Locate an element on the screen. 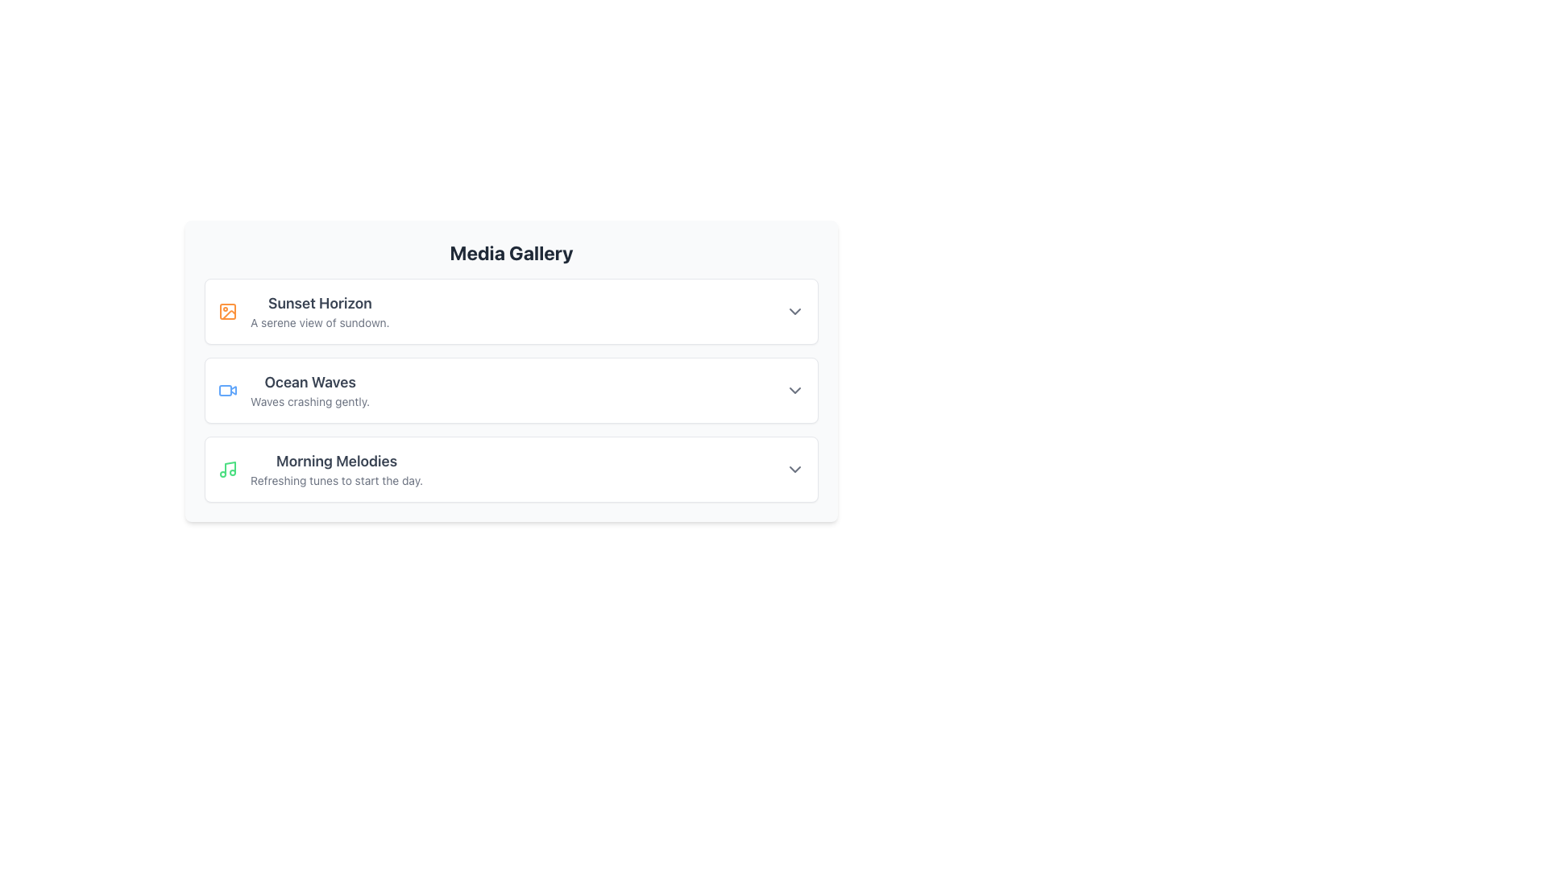  the leftmost icon representing the 'Ocean Waves' media entry in the second row of the list is located at coordinates (227, 391).